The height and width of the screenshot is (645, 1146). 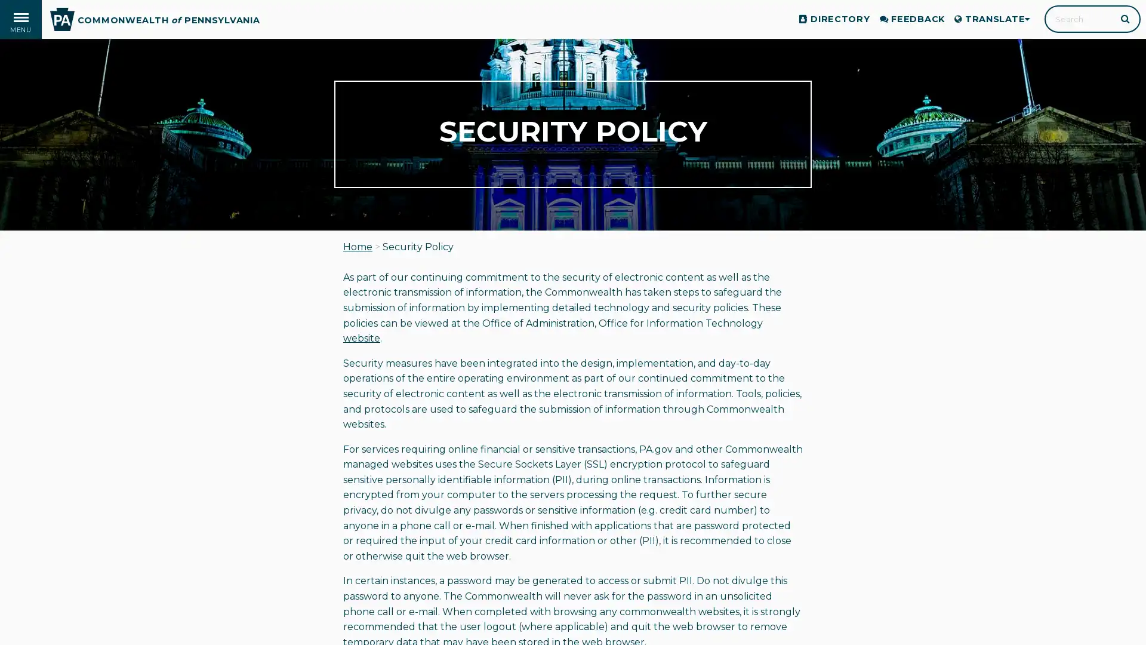 What do you see at coordinates (1126, 18) in the screenshot?
I see `Search` at bounding box center [1126, 18].